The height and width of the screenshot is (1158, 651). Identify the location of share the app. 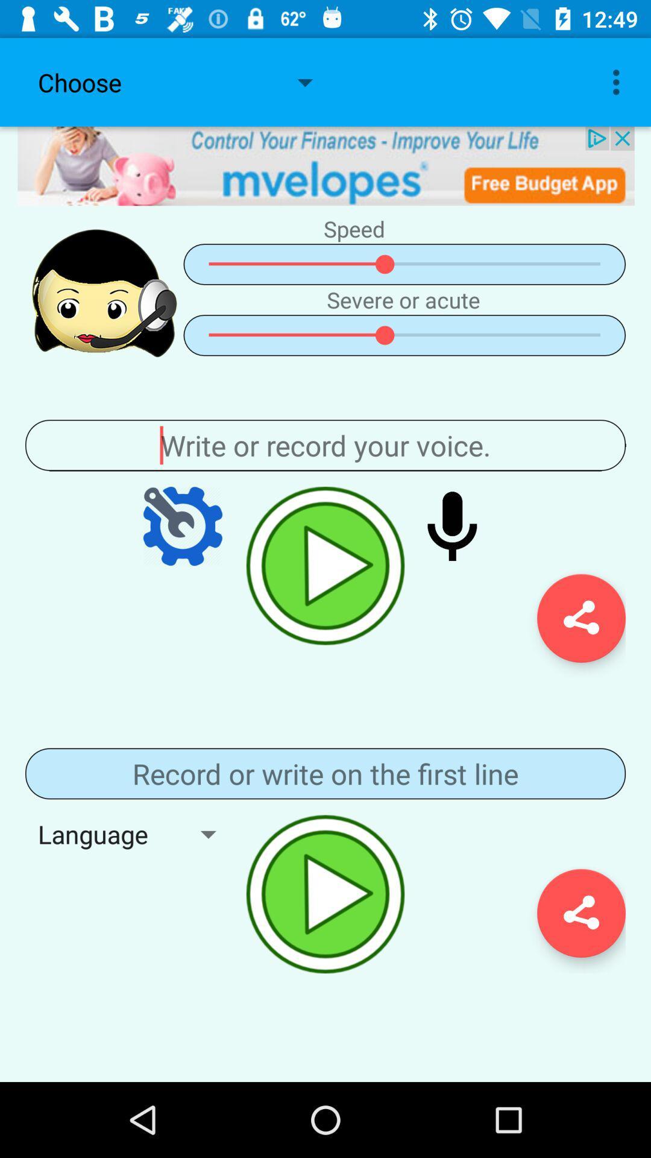
(580, 913).